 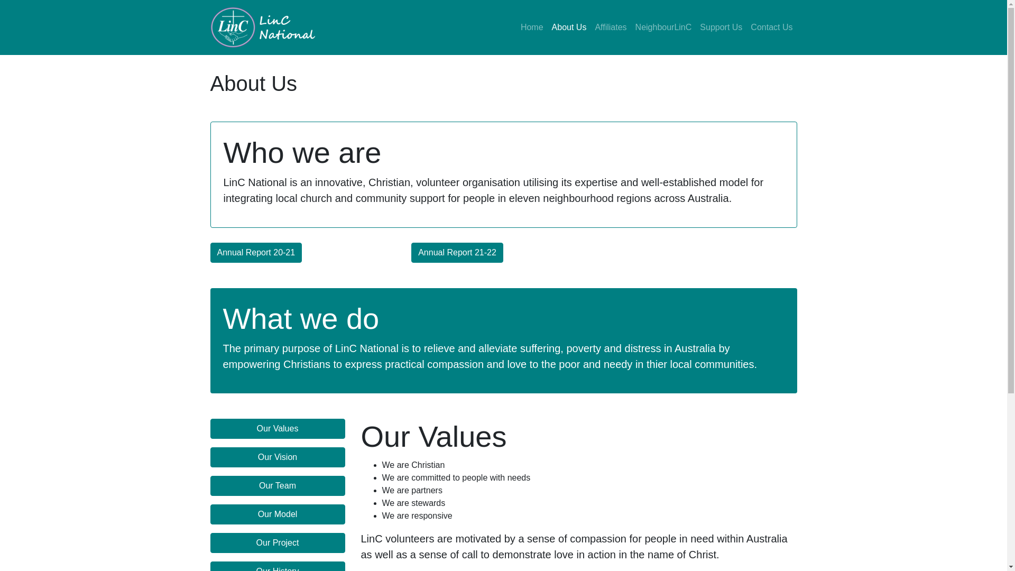 I want to click on 'Our Team', so click(x=278, y=485).